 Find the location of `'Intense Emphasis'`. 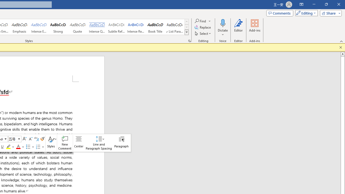

'Intense Emphasis' is located at coordinates (39, 27).